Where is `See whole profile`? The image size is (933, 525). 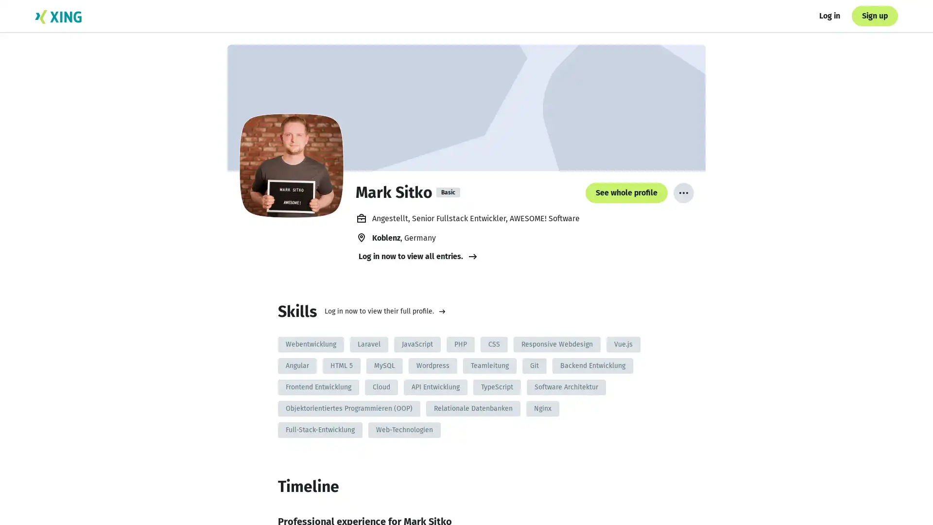
See whole profile is located at coordinates (626, 193).